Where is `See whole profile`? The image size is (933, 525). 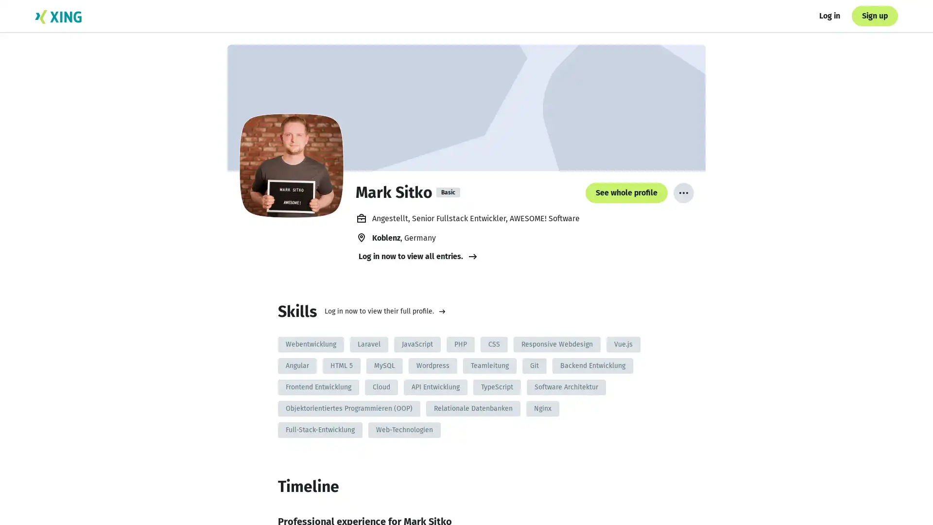
See whole profile is located at coordinates (626, 193).